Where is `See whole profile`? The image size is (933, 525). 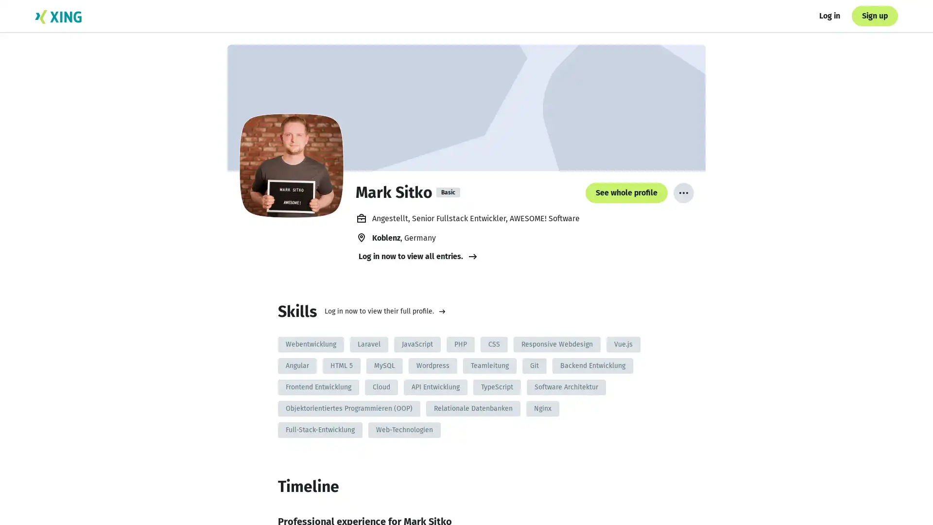
See whole profile is located at coordinates (626, 193).